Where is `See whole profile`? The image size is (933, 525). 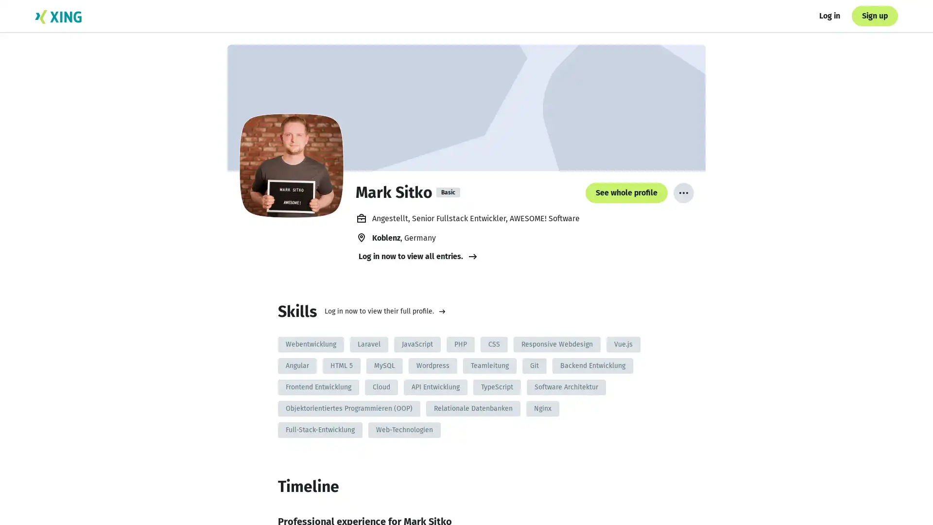
See whole profile is located at coordinates (626, 193).